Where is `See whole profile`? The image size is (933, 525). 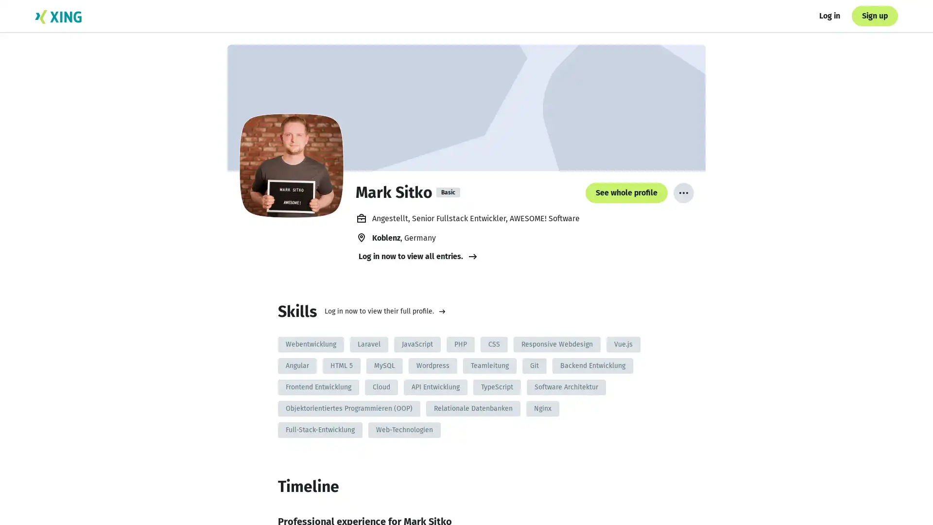
See whole profile is located at coordinates (626, 193).